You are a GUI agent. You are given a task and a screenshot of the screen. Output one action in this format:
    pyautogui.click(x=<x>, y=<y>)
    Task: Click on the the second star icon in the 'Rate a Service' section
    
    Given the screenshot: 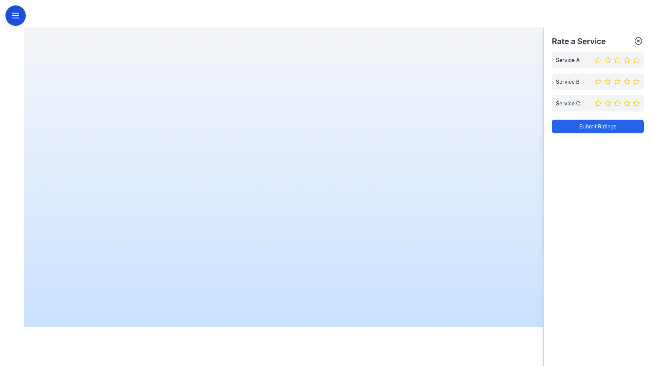 What is the action you would take?
    pyautogui.click(x=608, y=60)
    